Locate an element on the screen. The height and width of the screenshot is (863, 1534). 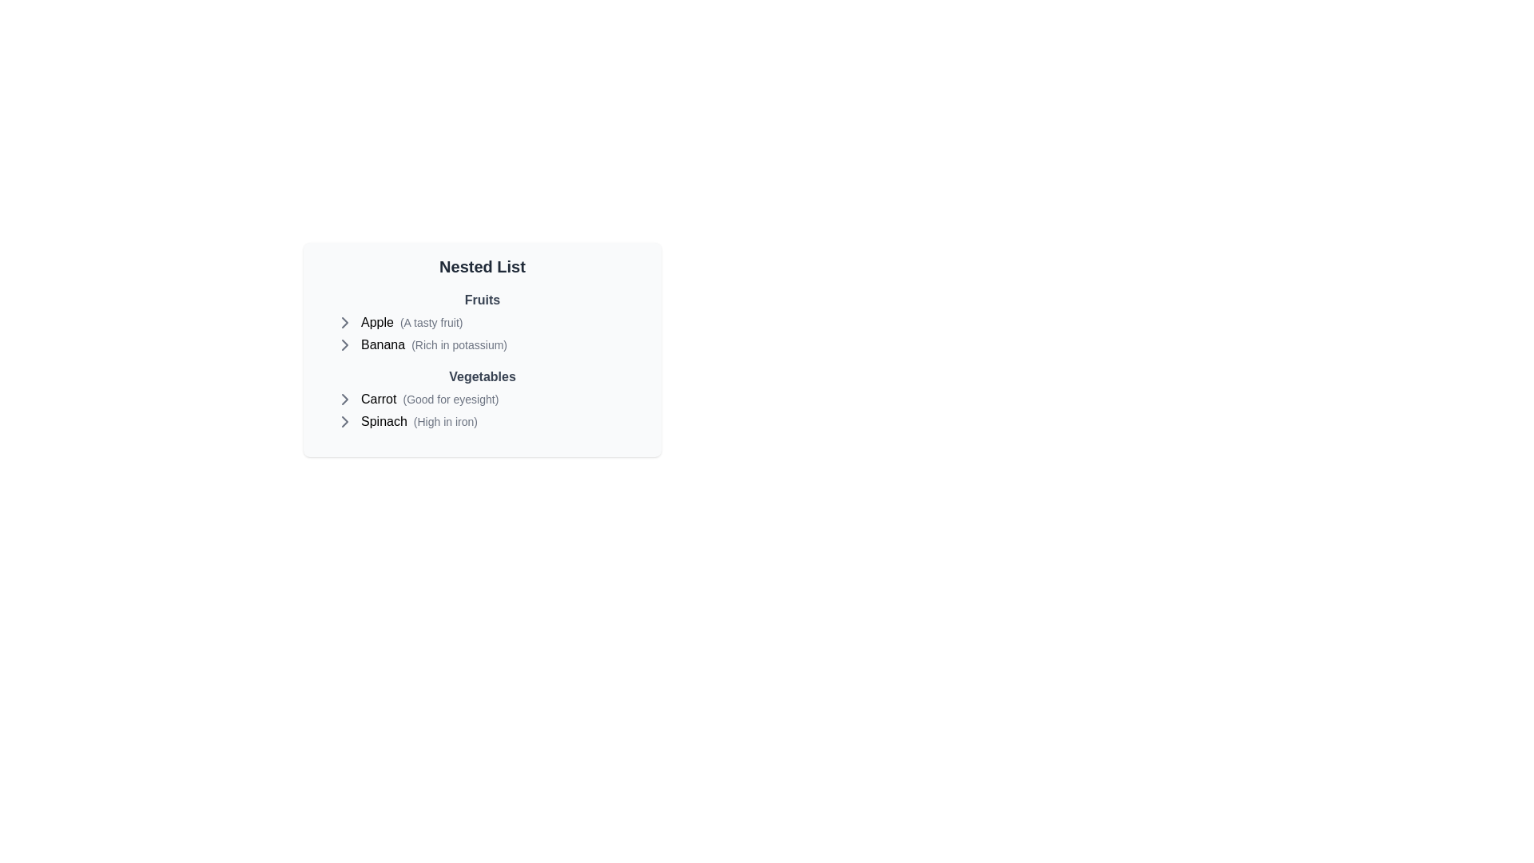
the text of the item Carrot is located at coordinates (378, 399).